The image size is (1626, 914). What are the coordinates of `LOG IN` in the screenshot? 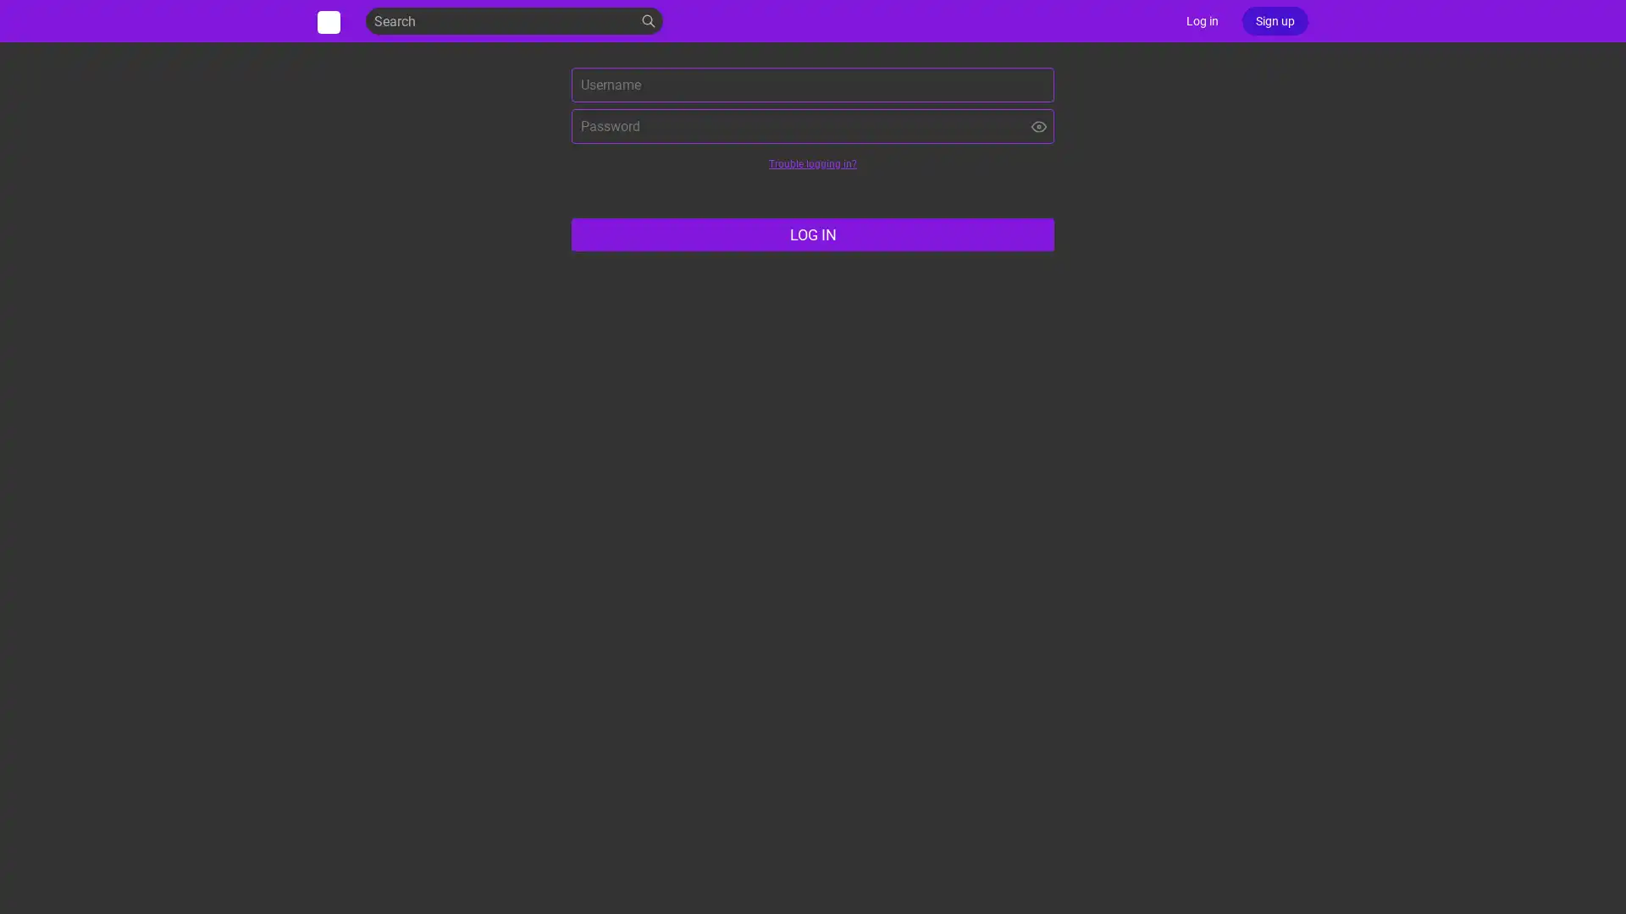 It's located at (813, 234).